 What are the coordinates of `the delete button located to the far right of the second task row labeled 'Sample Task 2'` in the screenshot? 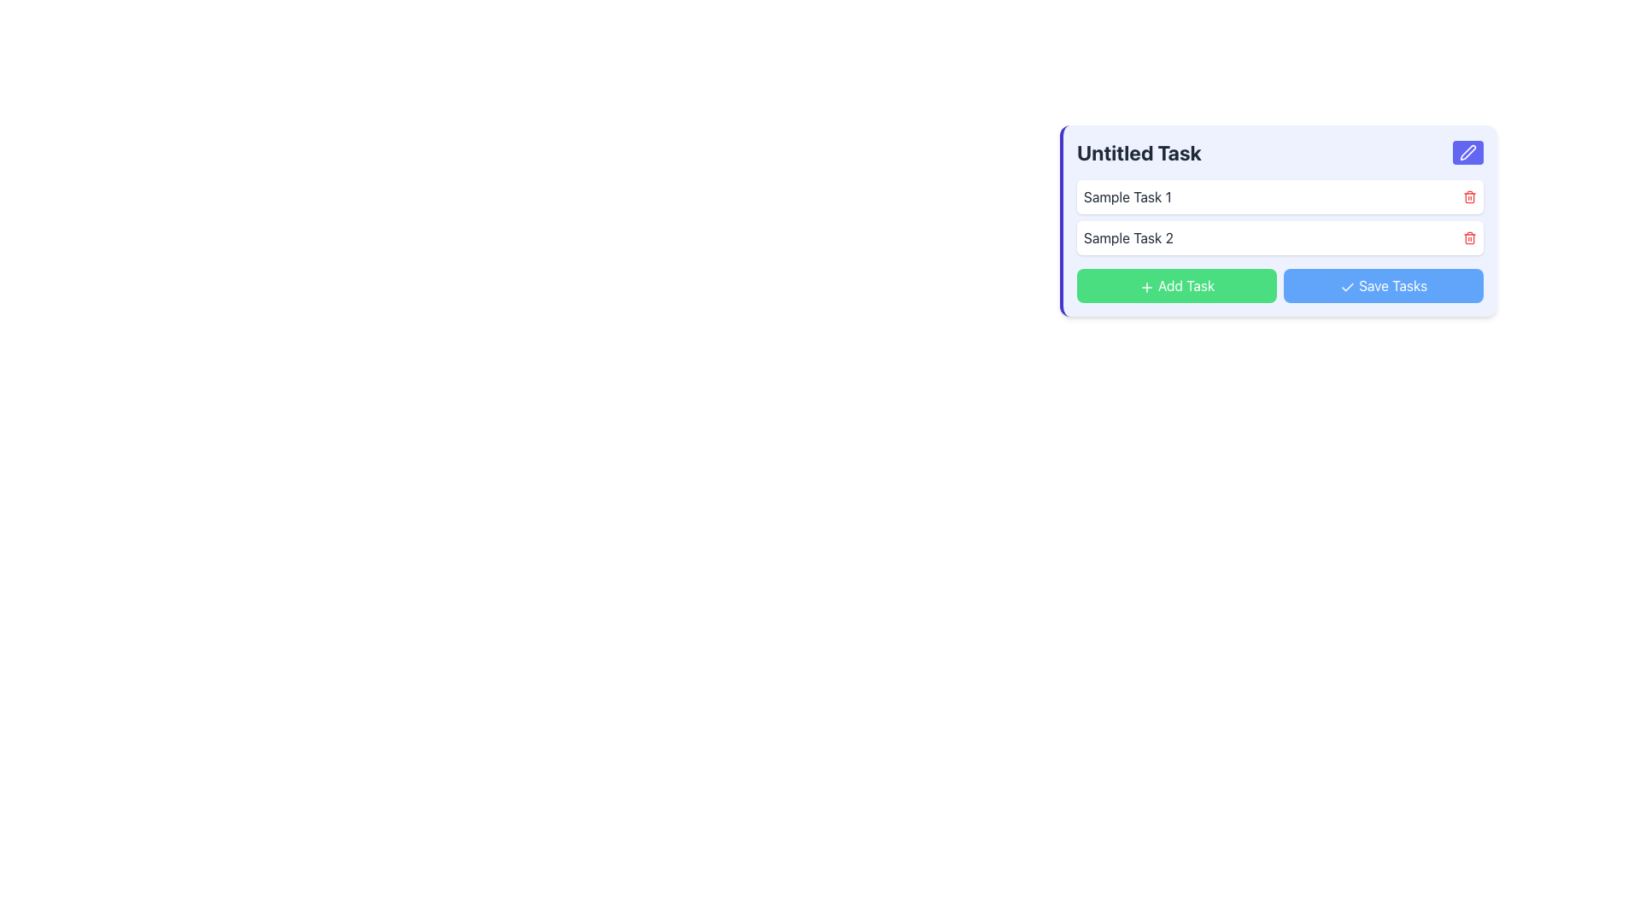 It's located at (1469, 237).